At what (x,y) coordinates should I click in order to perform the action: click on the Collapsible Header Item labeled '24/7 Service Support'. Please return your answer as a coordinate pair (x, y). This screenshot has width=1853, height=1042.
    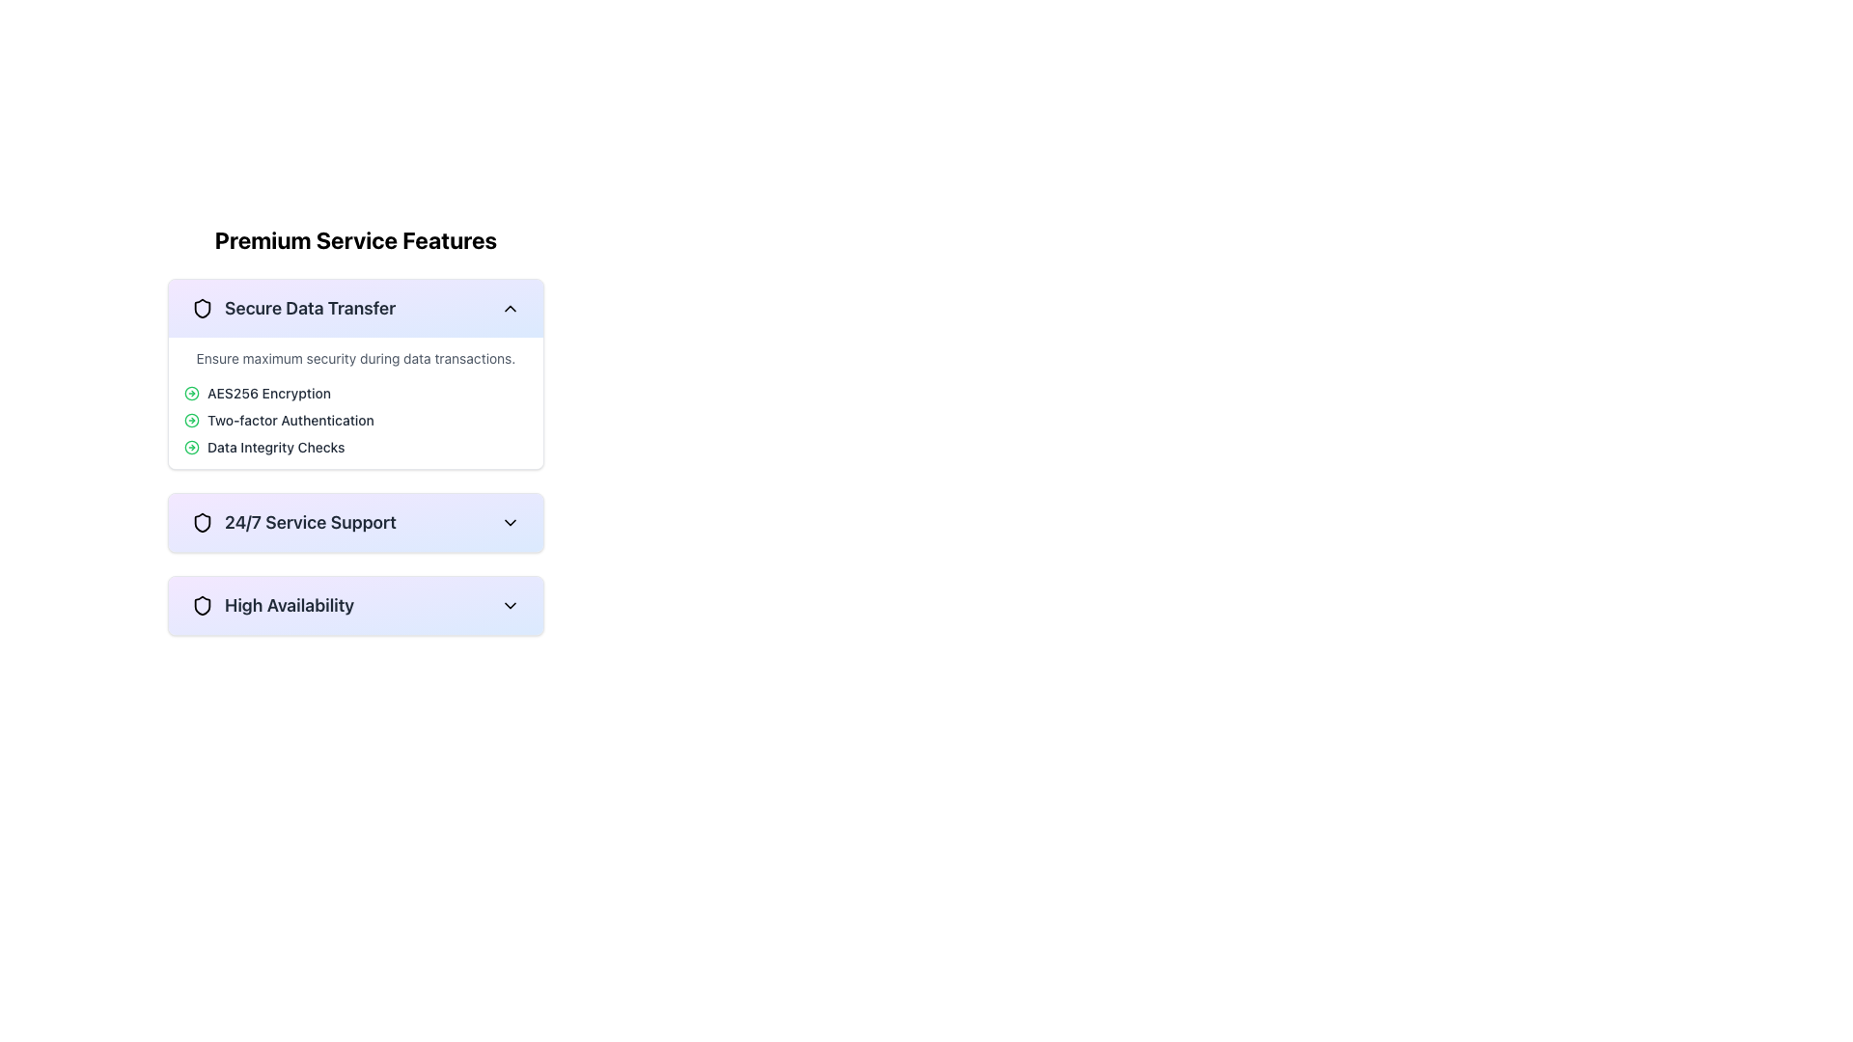
    Looking at the image, I should click on (356, 523).